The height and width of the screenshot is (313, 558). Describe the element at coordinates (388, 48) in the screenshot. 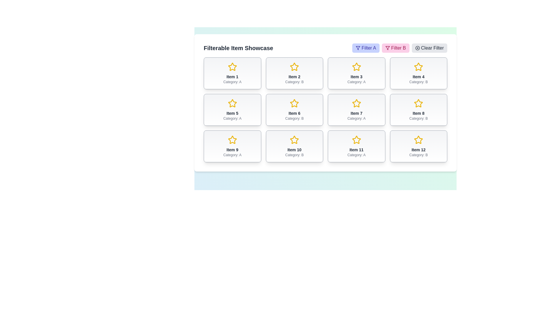

I see `the small colored funnel icon representing filtering functionality` at that location.